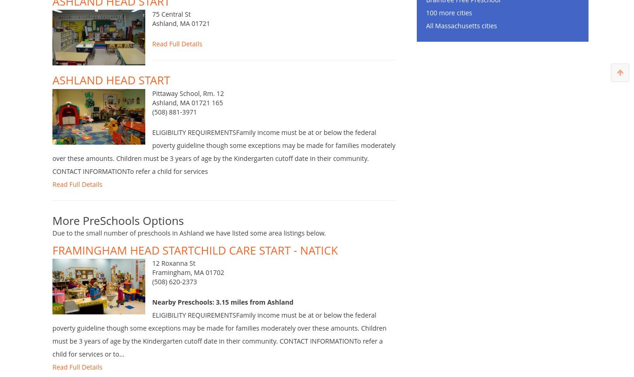  What do you see at coordinates (188, 247) in the screenshot?
I see `'Due to the small number of preschools in Ashland we have listed some area listings below.'` at bounding box center [188, 247].